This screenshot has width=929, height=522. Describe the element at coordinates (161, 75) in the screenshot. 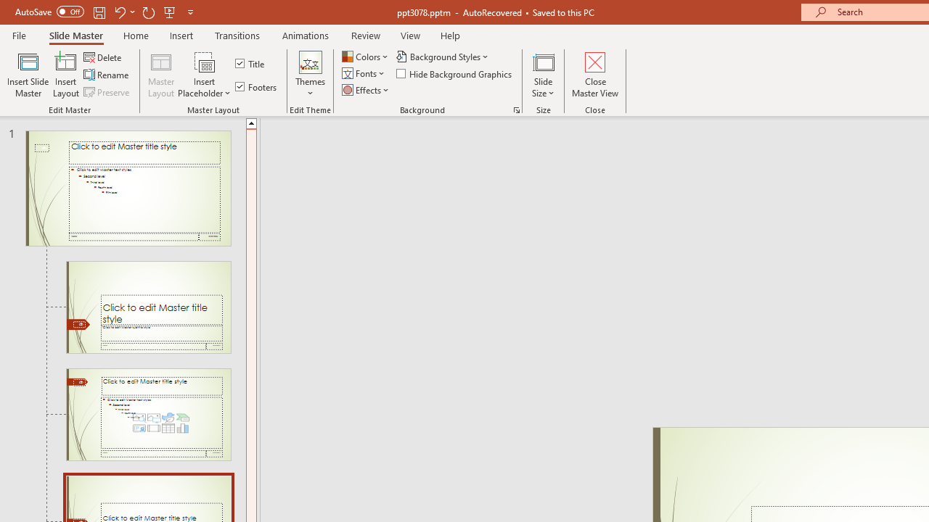

I see `'Master Layout...'` at that location.